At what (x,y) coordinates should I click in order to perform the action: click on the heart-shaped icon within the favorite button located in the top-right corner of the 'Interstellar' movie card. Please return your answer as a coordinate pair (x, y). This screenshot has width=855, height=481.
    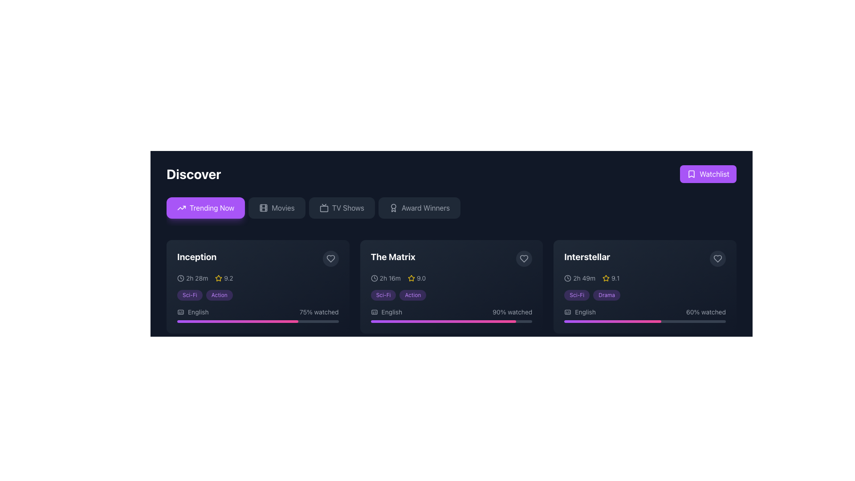
    Looking at the image, I should click on (718, 259).